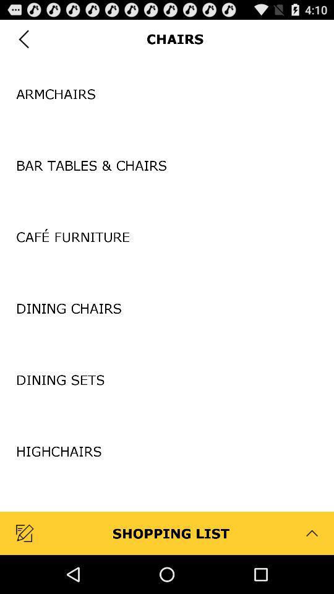 The height and width of the screenshot is (594, 334). I want to click on the arrow beside right to shopping list, so click(311, 532).